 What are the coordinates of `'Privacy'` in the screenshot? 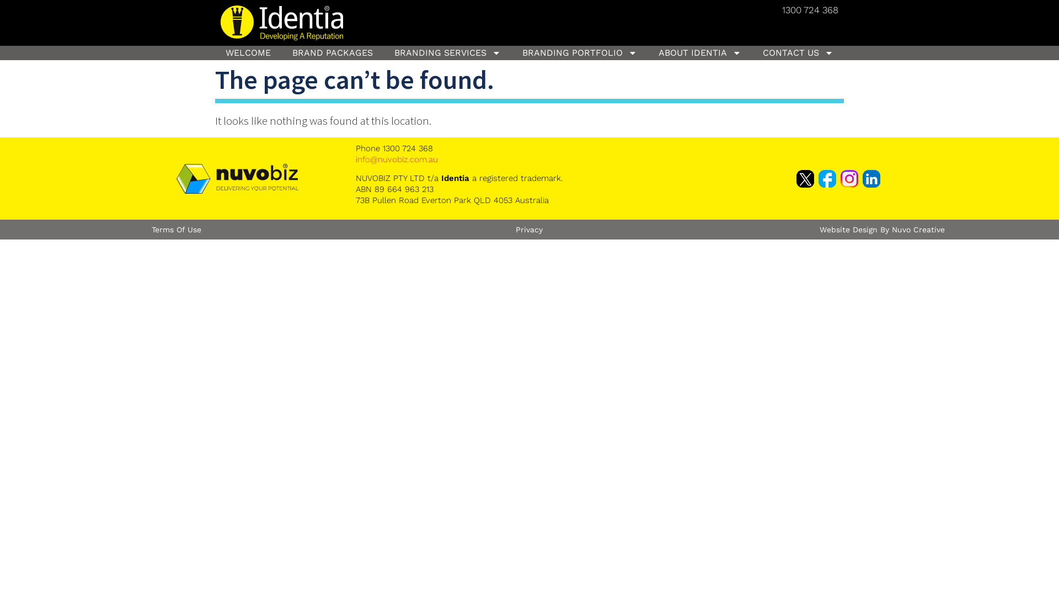 It's located at (528, 229).